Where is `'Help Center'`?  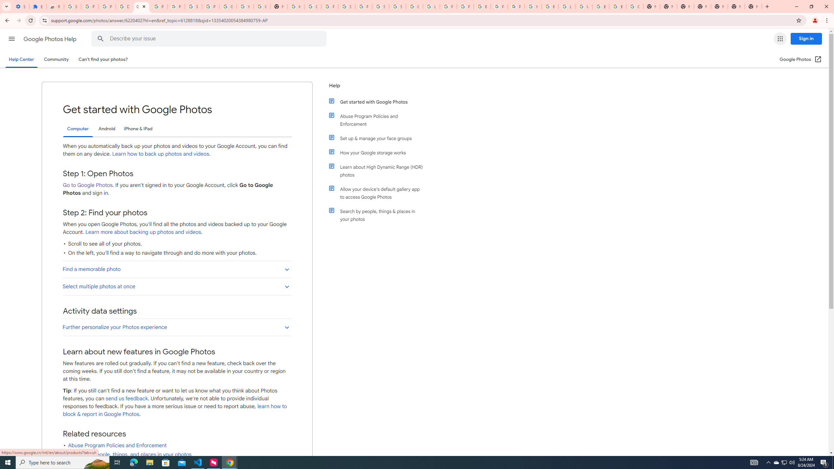 'Help Center' is located at coordinates (21, 59).